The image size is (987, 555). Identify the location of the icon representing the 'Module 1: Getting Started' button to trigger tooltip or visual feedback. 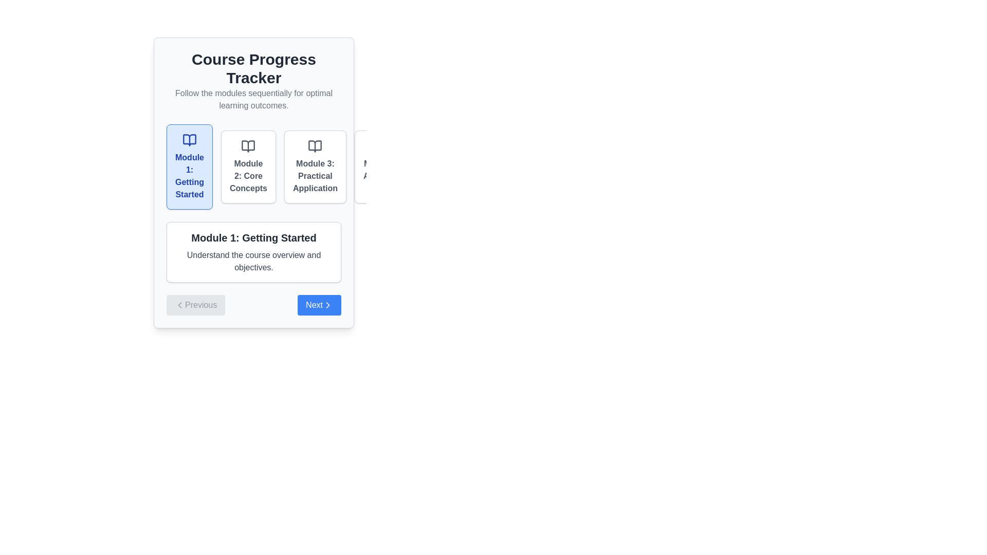
(190, 140).